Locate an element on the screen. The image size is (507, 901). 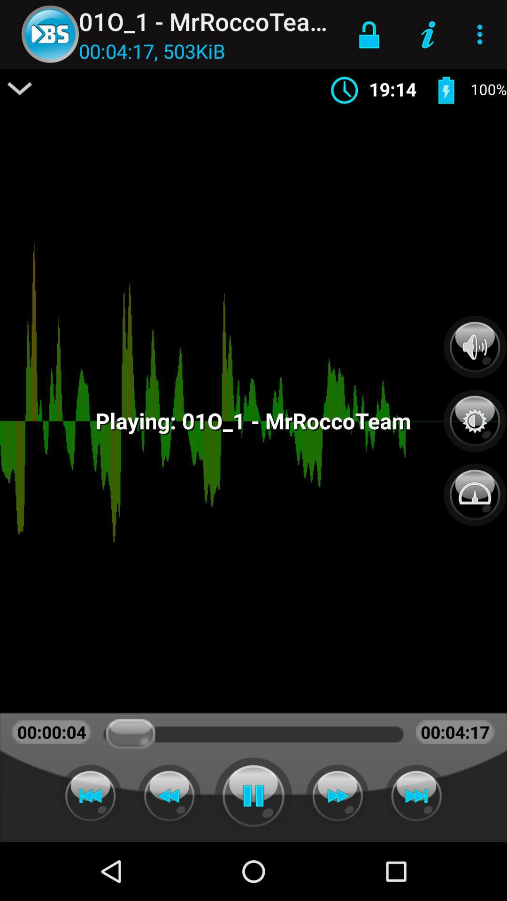
skip to the next item is located at coordinates (416, 795).